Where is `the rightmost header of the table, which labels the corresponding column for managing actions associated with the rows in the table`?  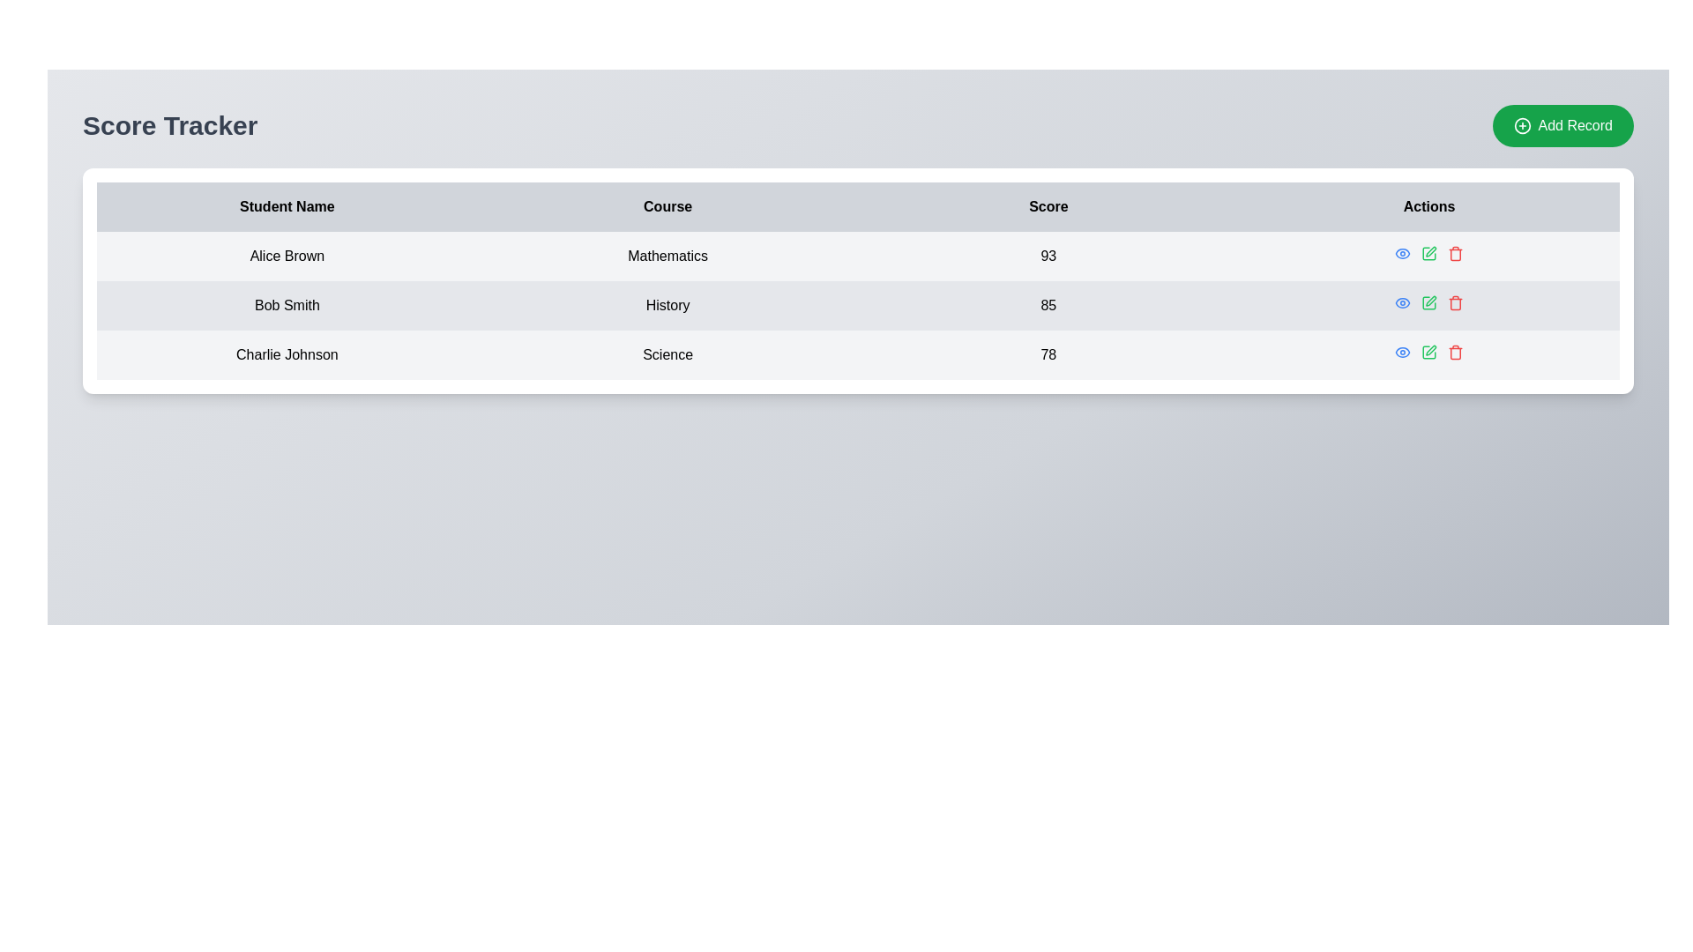 the rightmost header of the table, which labels the corresponding column for managing actions associated with the rows in the table is located at coordinates (1429, 206).